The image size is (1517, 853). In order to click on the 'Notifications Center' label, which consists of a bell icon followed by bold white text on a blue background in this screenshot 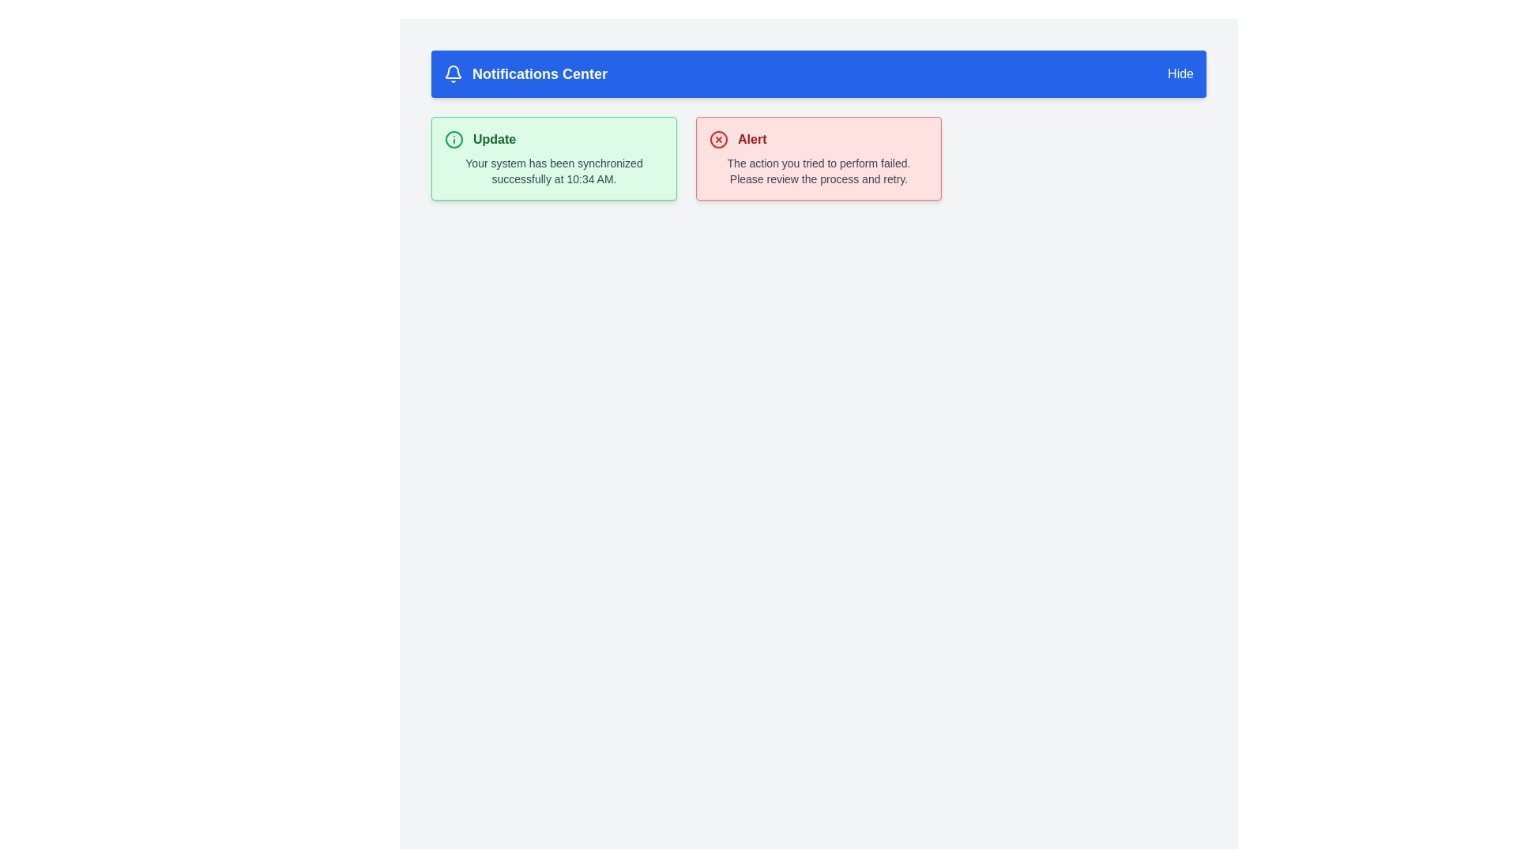, I will do `click(525, 73)`.